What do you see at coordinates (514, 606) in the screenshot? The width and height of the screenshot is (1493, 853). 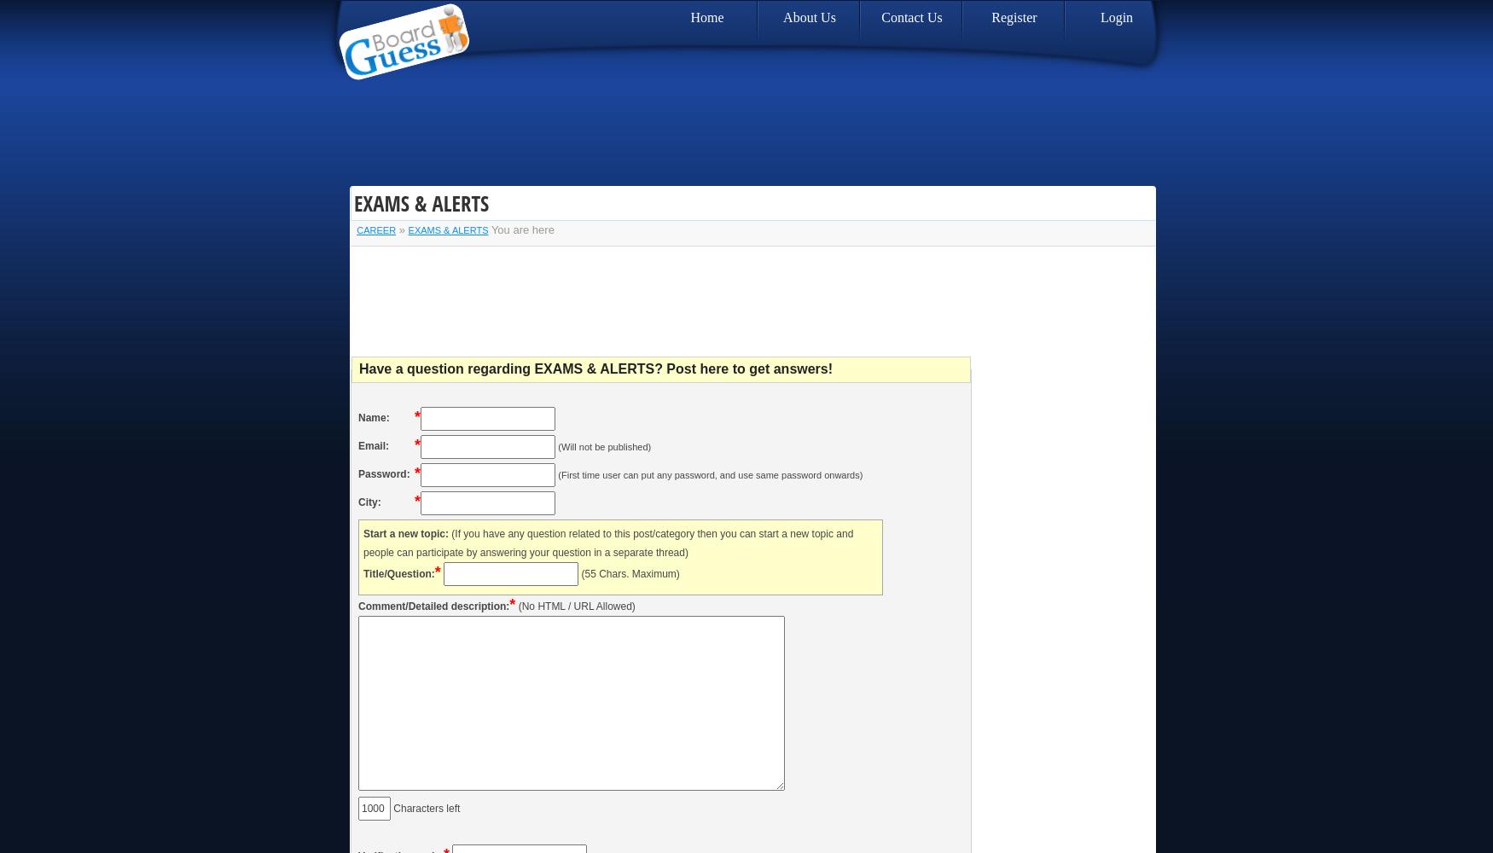 I see `'(No HTML / URL Allowed)'` at bounding box center [514, 606].